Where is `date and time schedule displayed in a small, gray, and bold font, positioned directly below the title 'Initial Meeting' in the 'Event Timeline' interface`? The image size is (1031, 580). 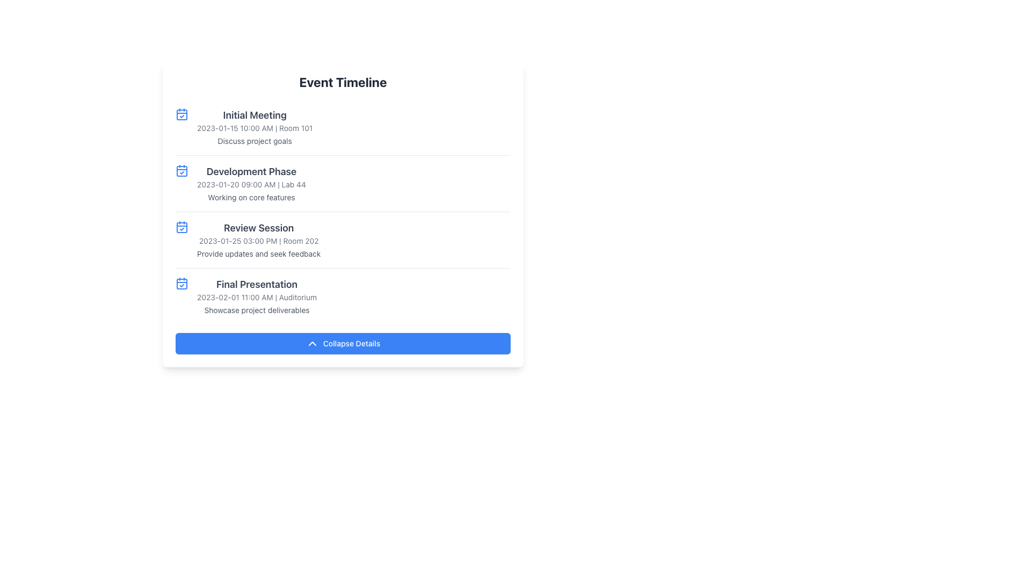
date and time schedule displayed in a small, gray, and bold font, positioned directly below the title 'Initial Meeting' in the 'Event Timeline' interface is located at coordinates (254, 128).